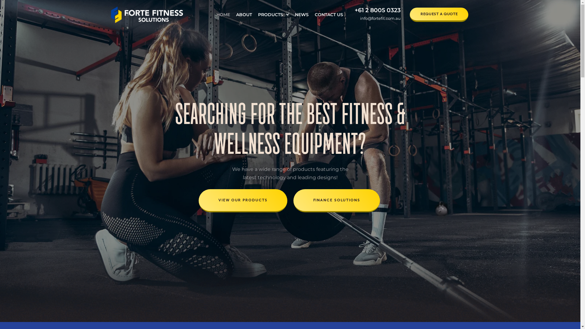  Describe the element at coordinates (380, 18) in the screenshot. I see `'info@fortefit.com.au'` at that location.